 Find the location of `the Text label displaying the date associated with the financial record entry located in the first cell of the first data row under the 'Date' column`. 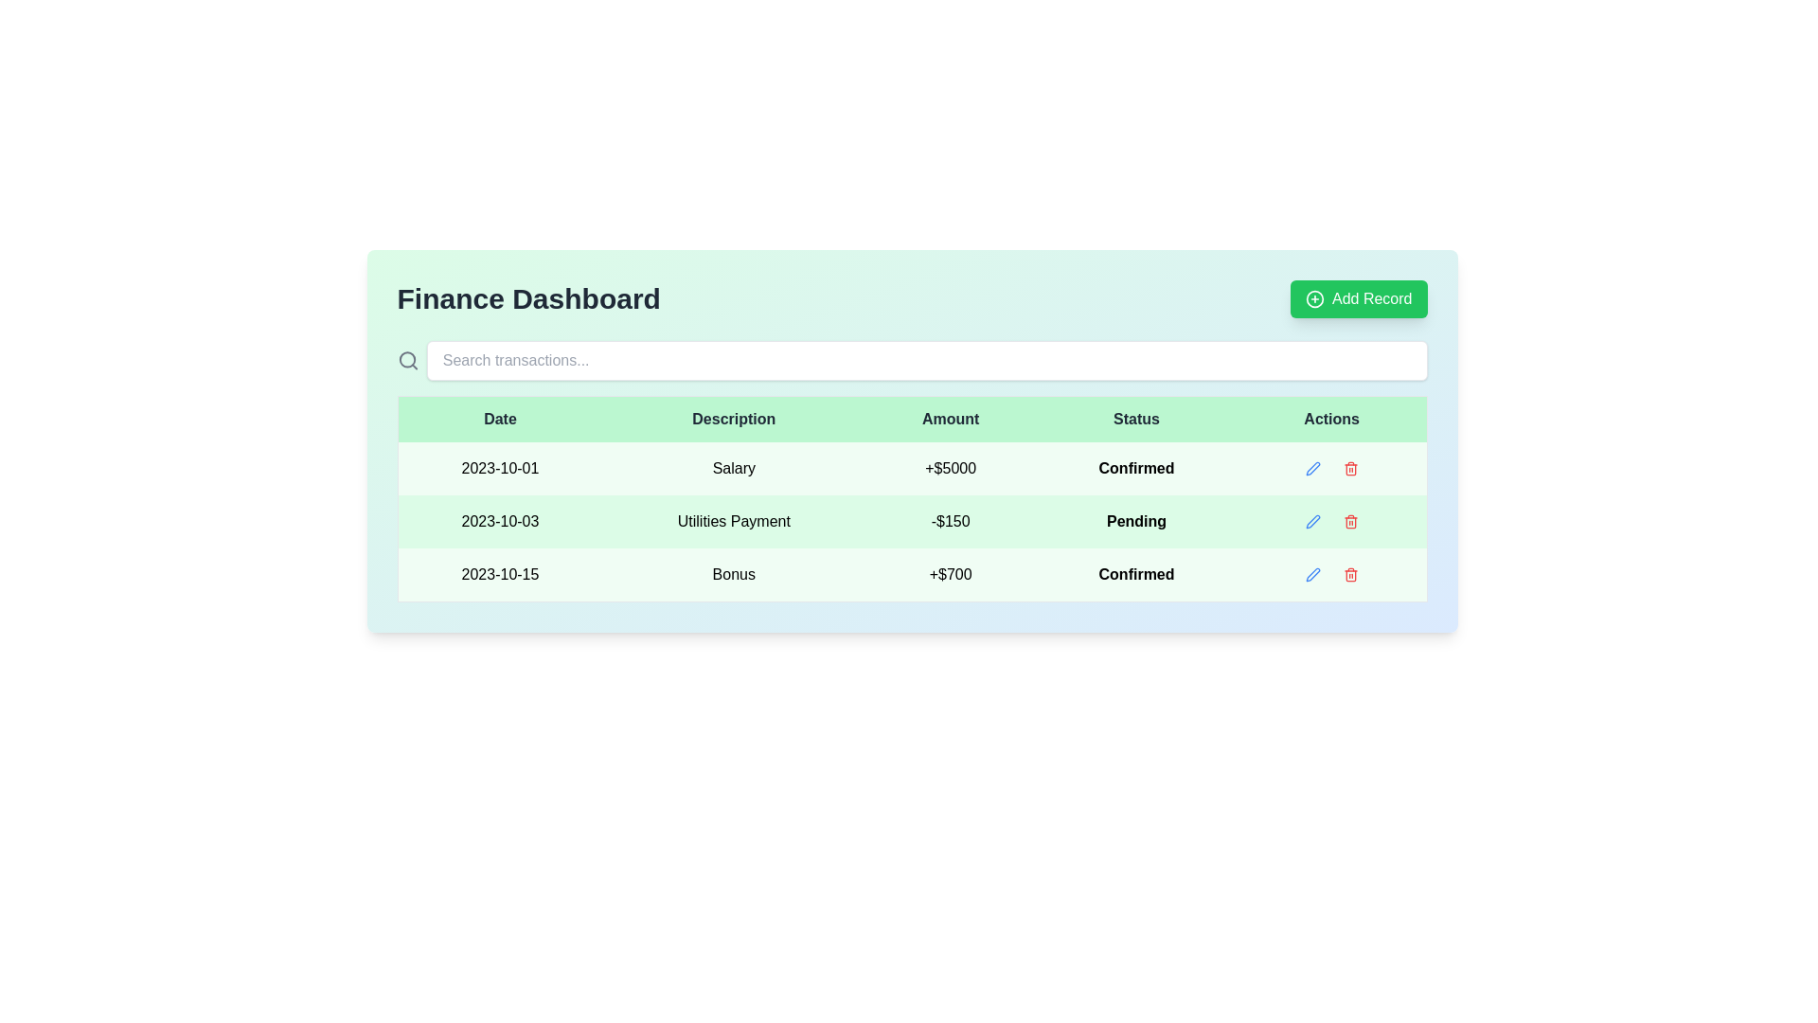

the Text label displaying the date associated with the financial record entry located in the first cell of the first data row under the 'Date' column is located at coordinates (500, 468).